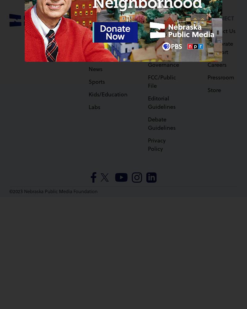 The image size is (247, 309). Describe the element at coordinates (96, 30) in the screenshot. I see `'Watch'` at that location.